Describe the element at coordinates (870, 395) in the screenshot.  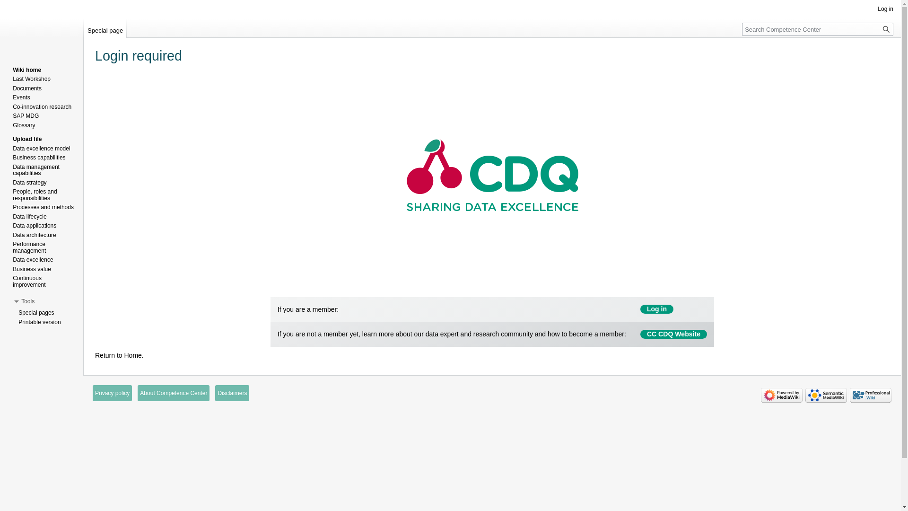
I see `'Managed MediaWiki hosting'` at that location.